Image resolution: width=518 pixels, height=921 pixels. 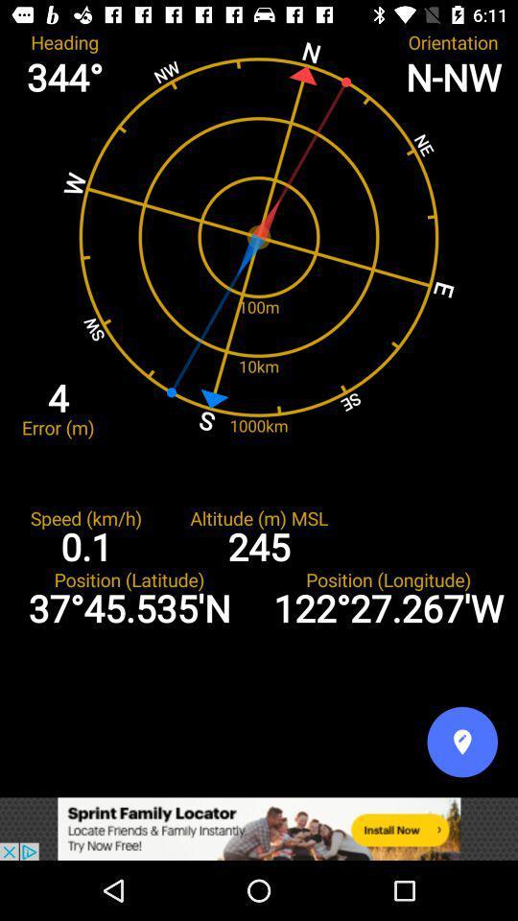 I want to click on pin, so click(x=461, y=741).